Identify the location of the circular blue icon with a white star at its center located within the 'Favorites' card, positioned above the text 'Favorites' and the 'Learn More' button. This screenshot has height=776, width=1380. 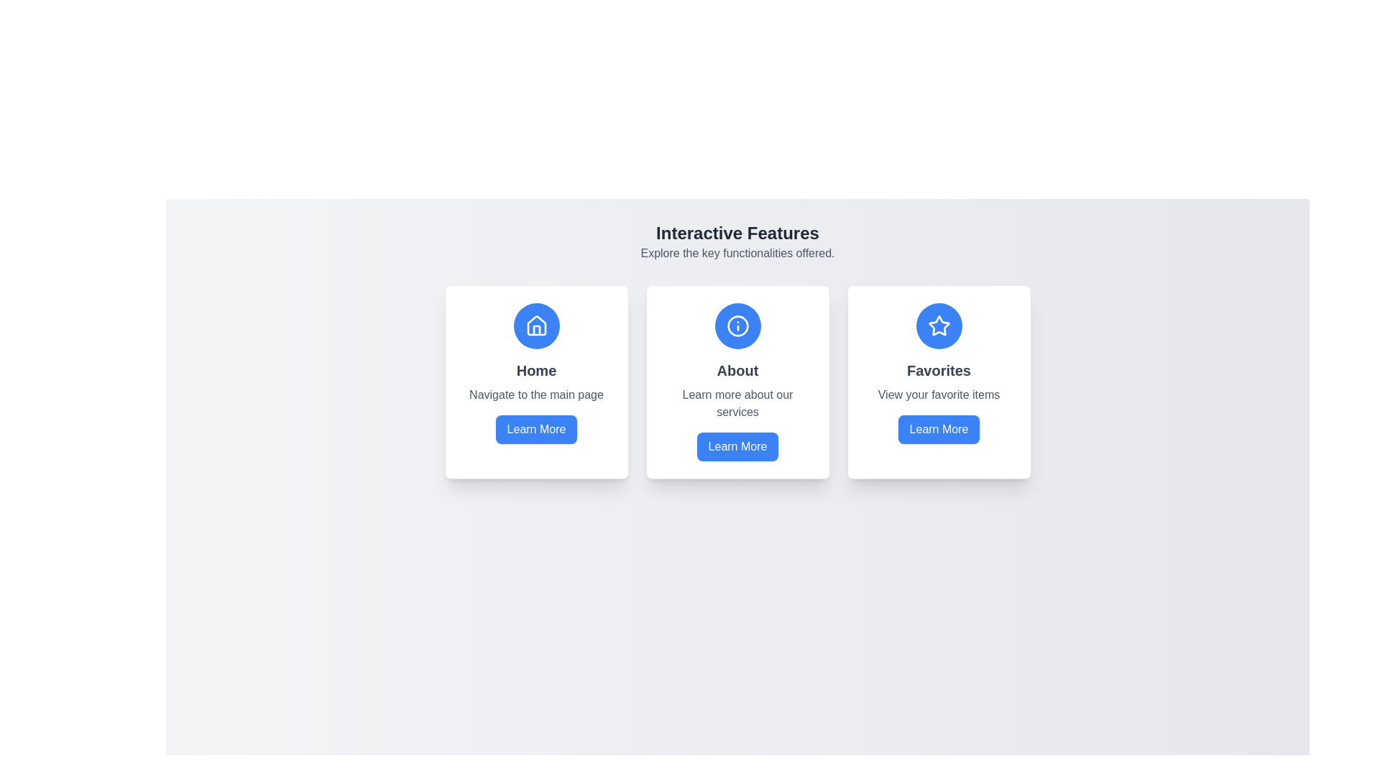
(939, 326).